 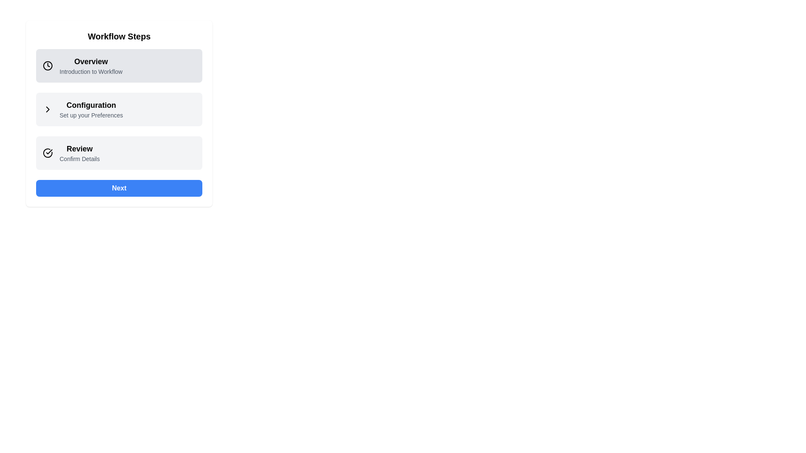 I want to click on the circular clock icon located in the header of the 'Overview' step in the Workflow Steps panel, so click(x=47, y=65).